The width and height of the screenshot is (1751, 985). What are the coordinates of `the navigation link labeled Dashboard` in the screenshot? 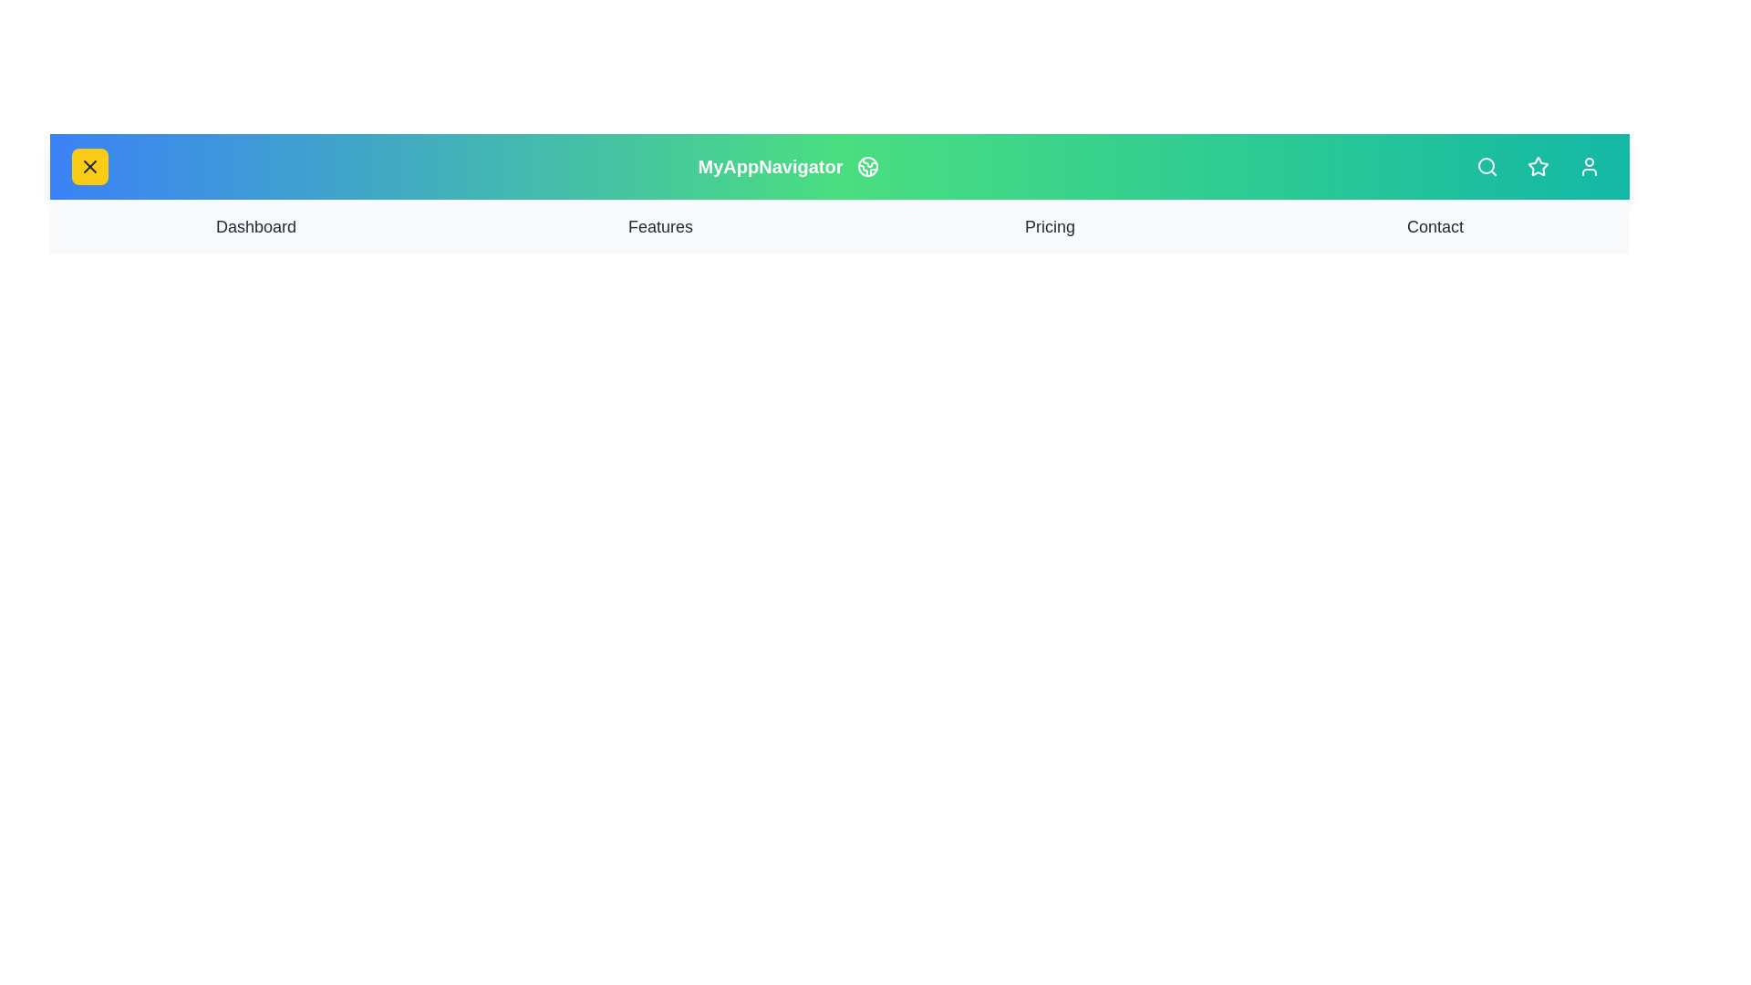 It's located at (255, 226).